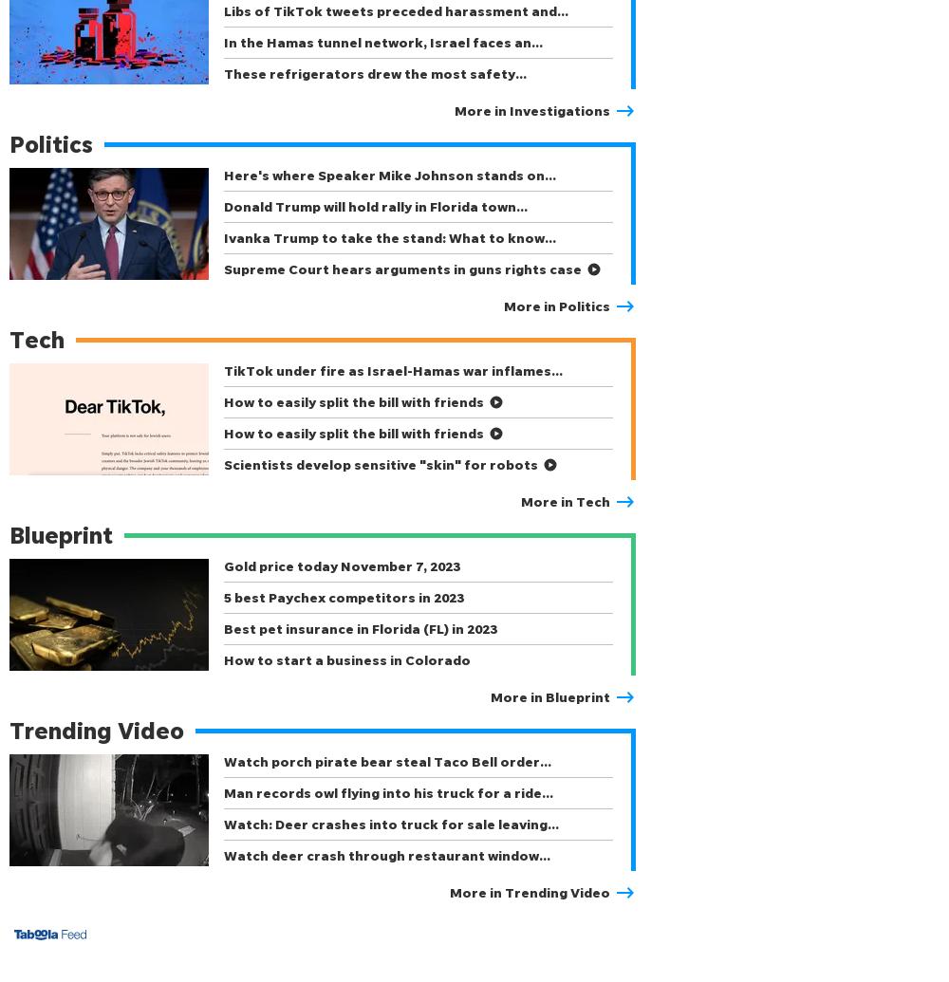 The width and height of the screenshot is (949, 982). Describe the element at coordinates (402, 269) in the screenshot. I see `'Supreme Court hears arguments in guns rights case'` at that location.